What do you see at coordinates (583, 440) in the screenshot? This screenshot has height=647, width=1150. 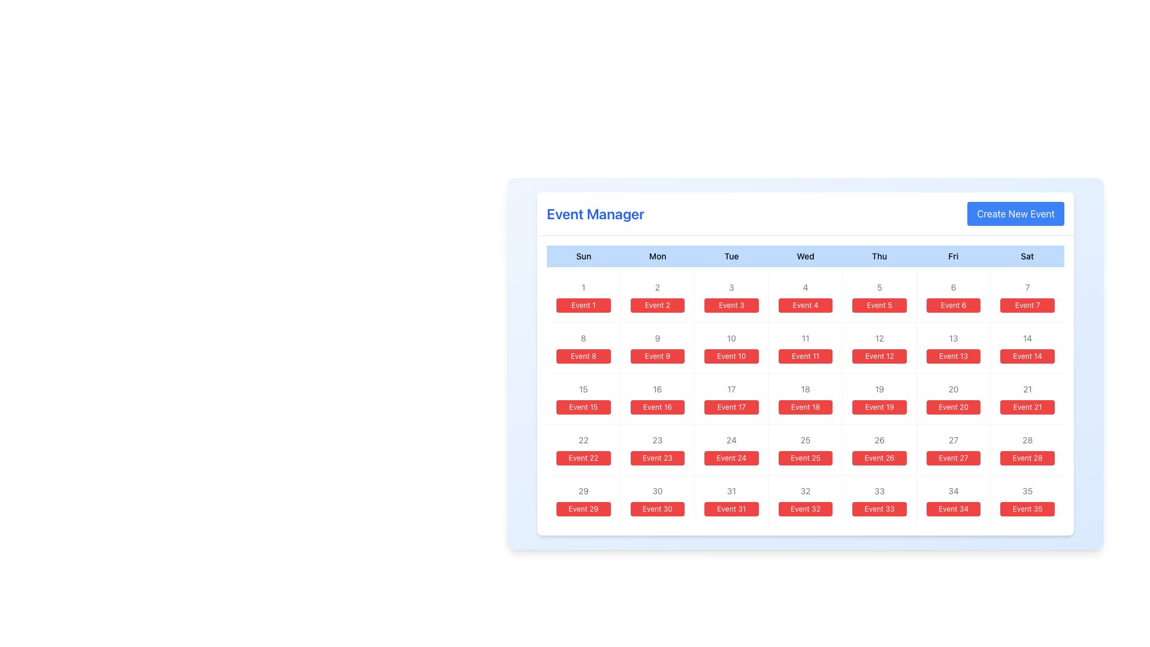 I see `the gray text displaying the number '22' in the calendar event layout` at bounding box center [583, 440].